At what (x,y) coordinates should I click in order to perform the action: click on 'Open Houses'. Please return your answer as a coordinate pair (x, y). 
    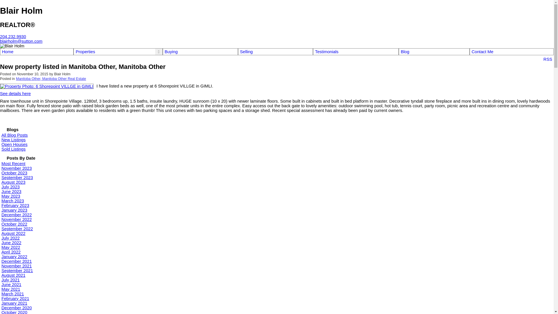
    Looking at the image, I should click on (14, 144).